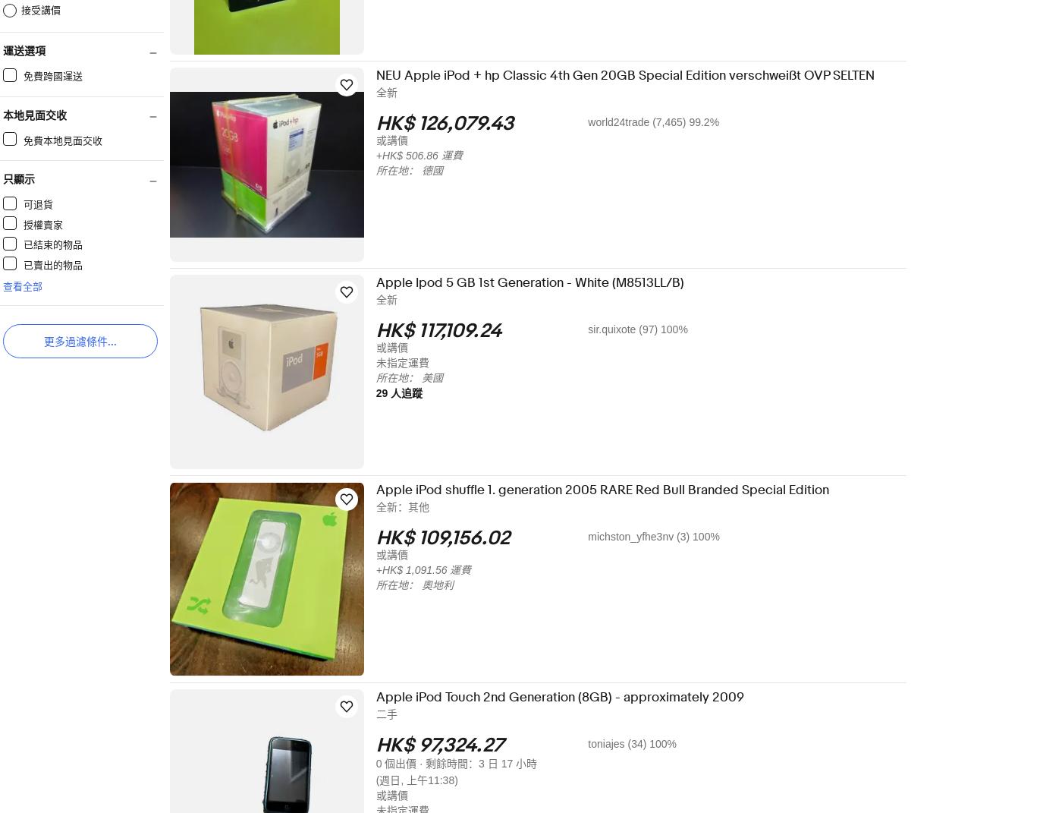  I want to click on '29 人追蹤', so click(409, 392).